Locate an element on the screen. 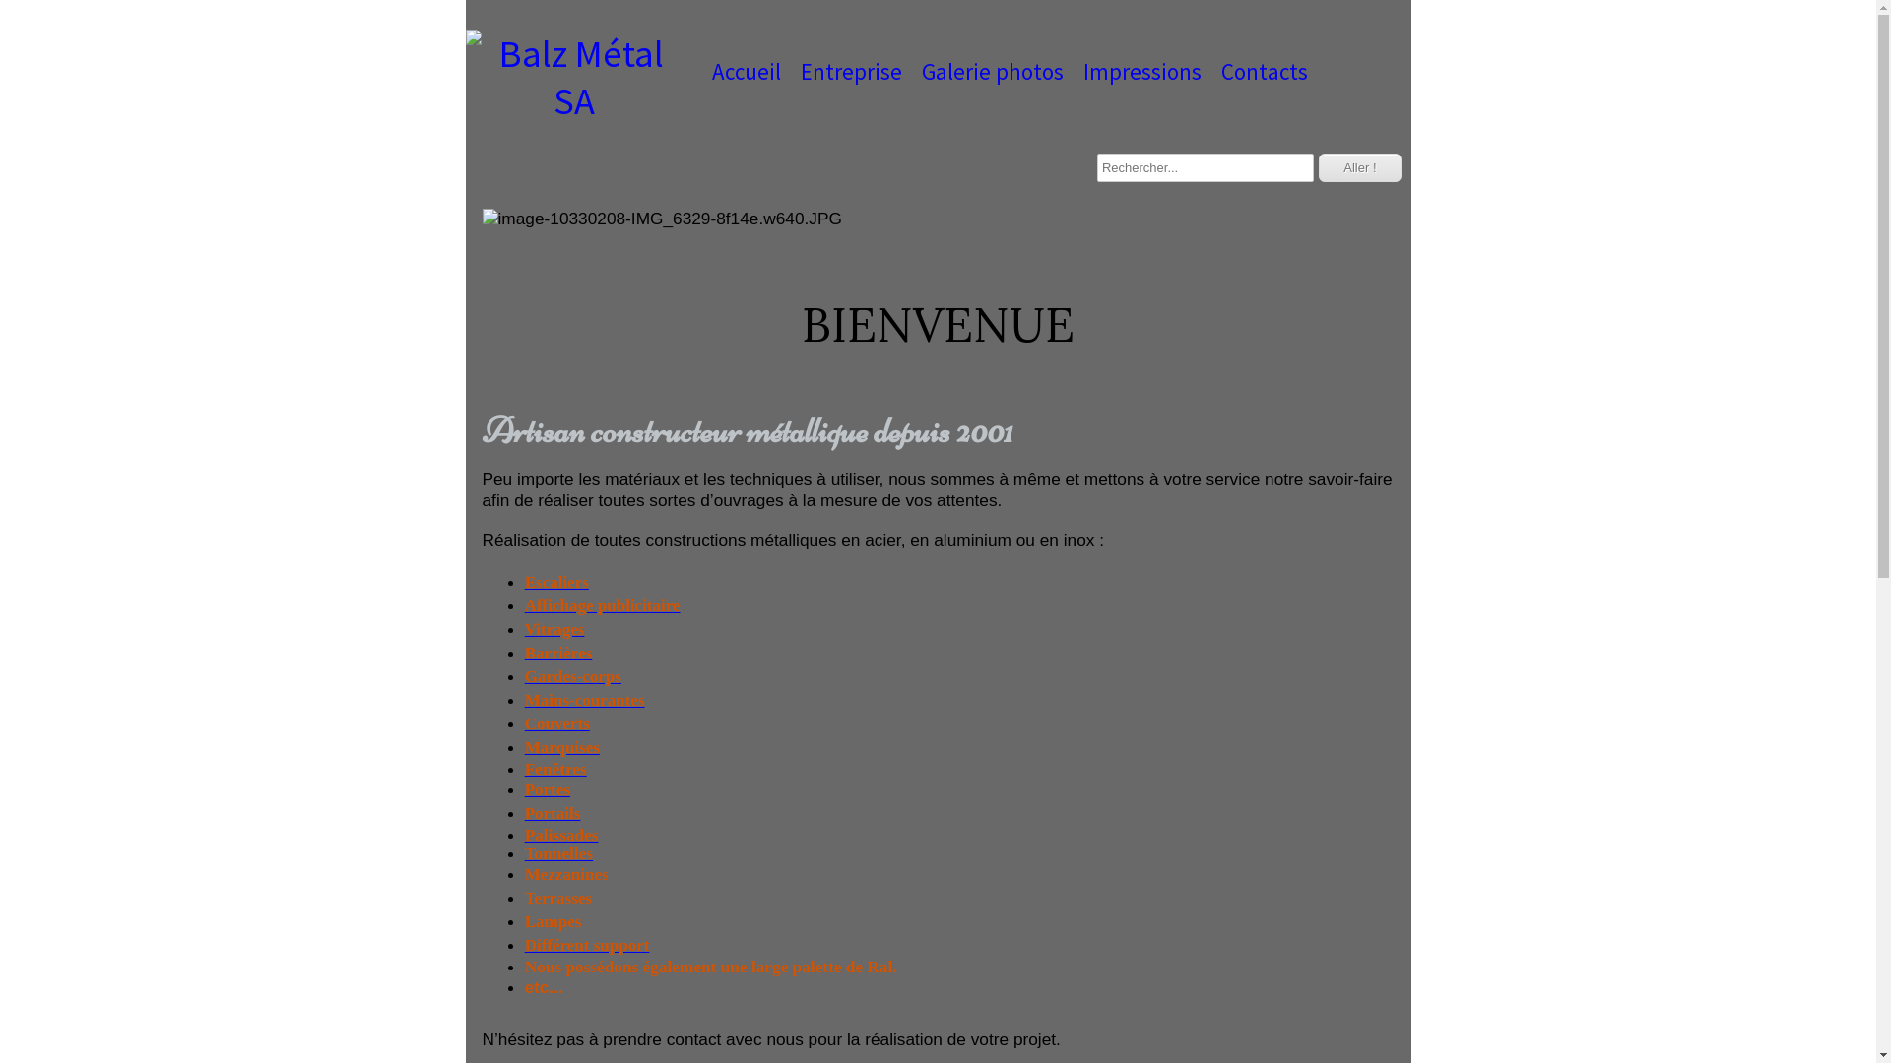 The width and height of the screenshot is (1891, 1063). 'Portes' is located at coordinates (524, 788).